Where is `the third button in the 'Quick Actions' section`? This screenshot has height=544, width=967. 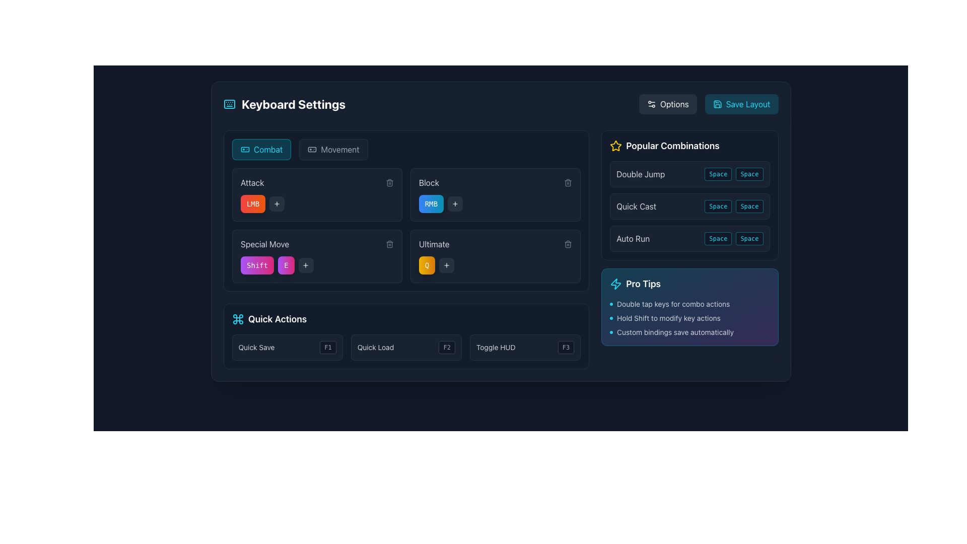 the third button in the 'Quick Actions' section is located at coordinates (525, 347).